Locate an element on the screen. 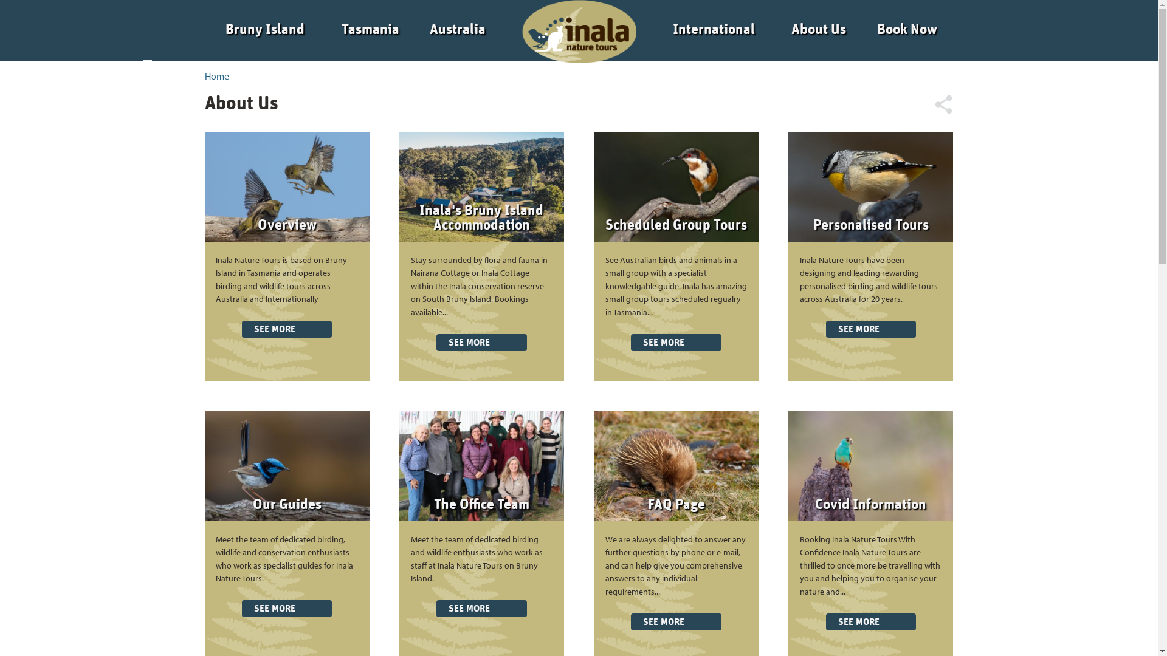  'International' is located at coordinates (714, 29).